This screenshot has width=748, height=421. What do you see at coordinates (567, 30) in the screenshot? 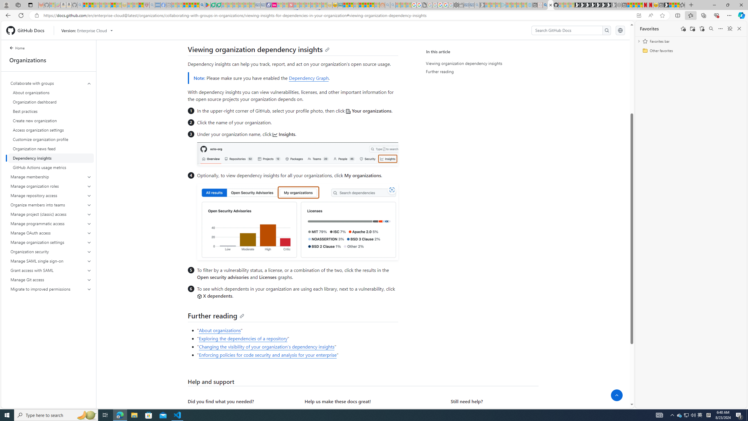
I see `'Search GitHub Docs'` at bounding box center [567, 30].